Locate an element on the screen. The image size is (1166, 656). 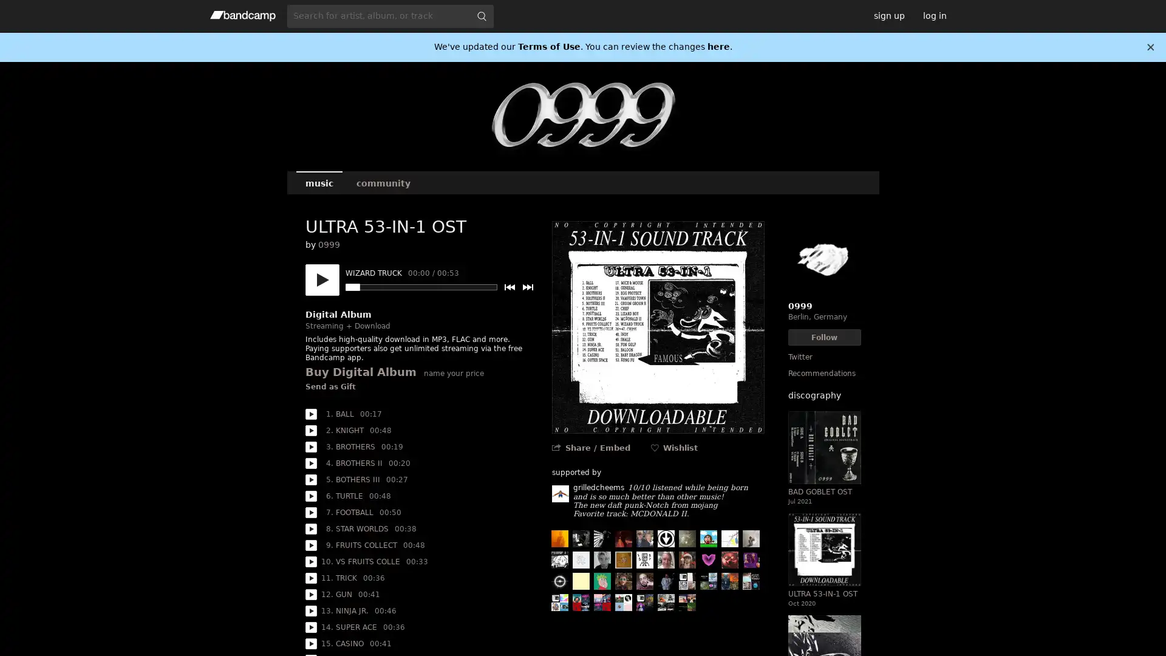
submit for full search page is located at coordinates (480, 16).